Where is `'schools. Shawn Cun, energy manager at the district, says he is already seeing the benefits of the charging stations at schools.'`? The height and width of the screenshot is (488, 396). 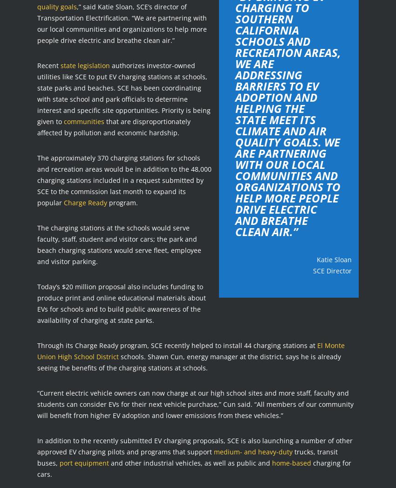
'schools. Shawn Cun, energy manager at the district, says he is already seeing the benefits of the charging stations at schools.' is located at coordinates (189, 361).